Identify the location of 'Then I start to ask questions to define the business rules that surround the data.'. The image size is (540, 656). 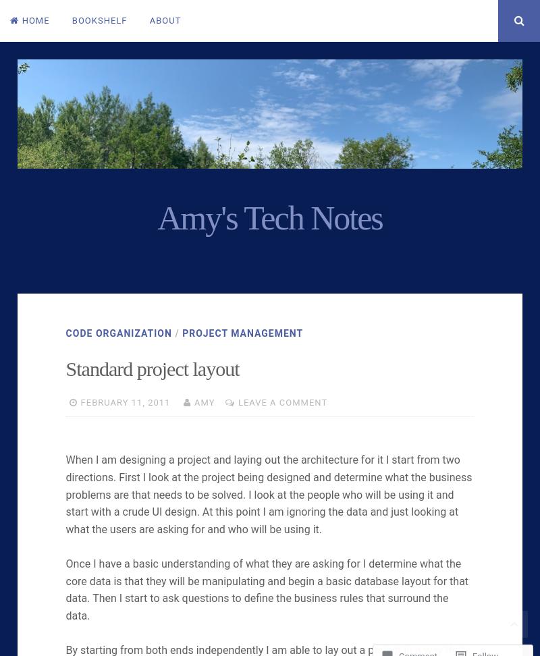
(65, 607).